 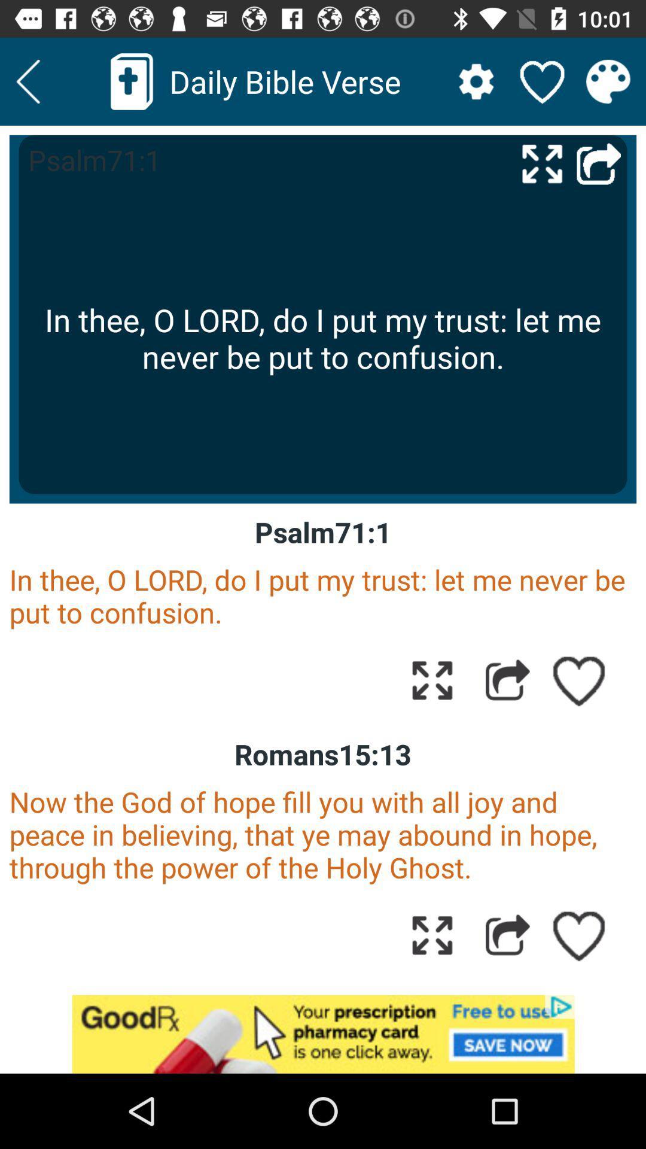 I want to click on shortcut option, so click(x=599, y=163).